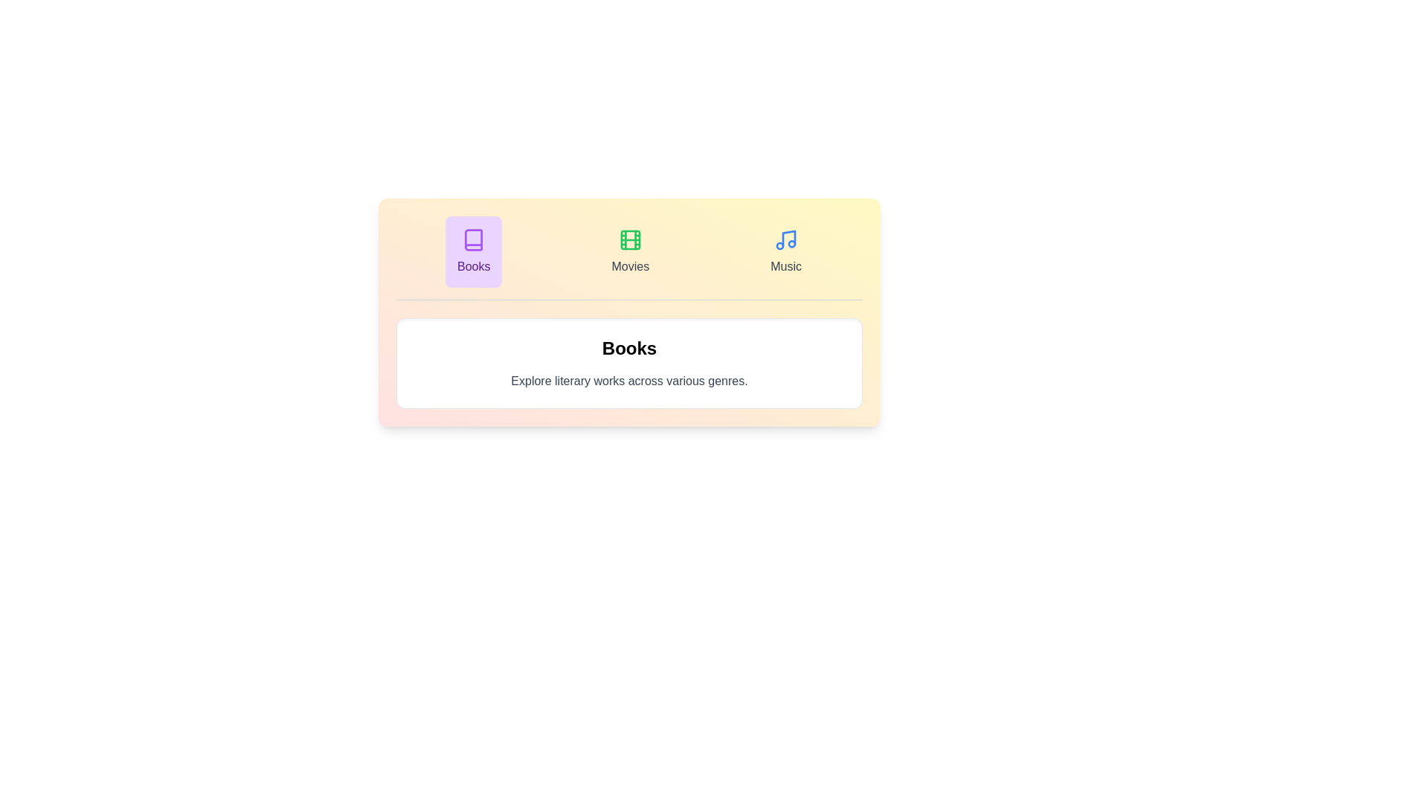  What do you see at coordinates (629, 251) in the screenshot?
I see `the tab labeled Movies and observe its icon and label` at bounding box center [629, 251].